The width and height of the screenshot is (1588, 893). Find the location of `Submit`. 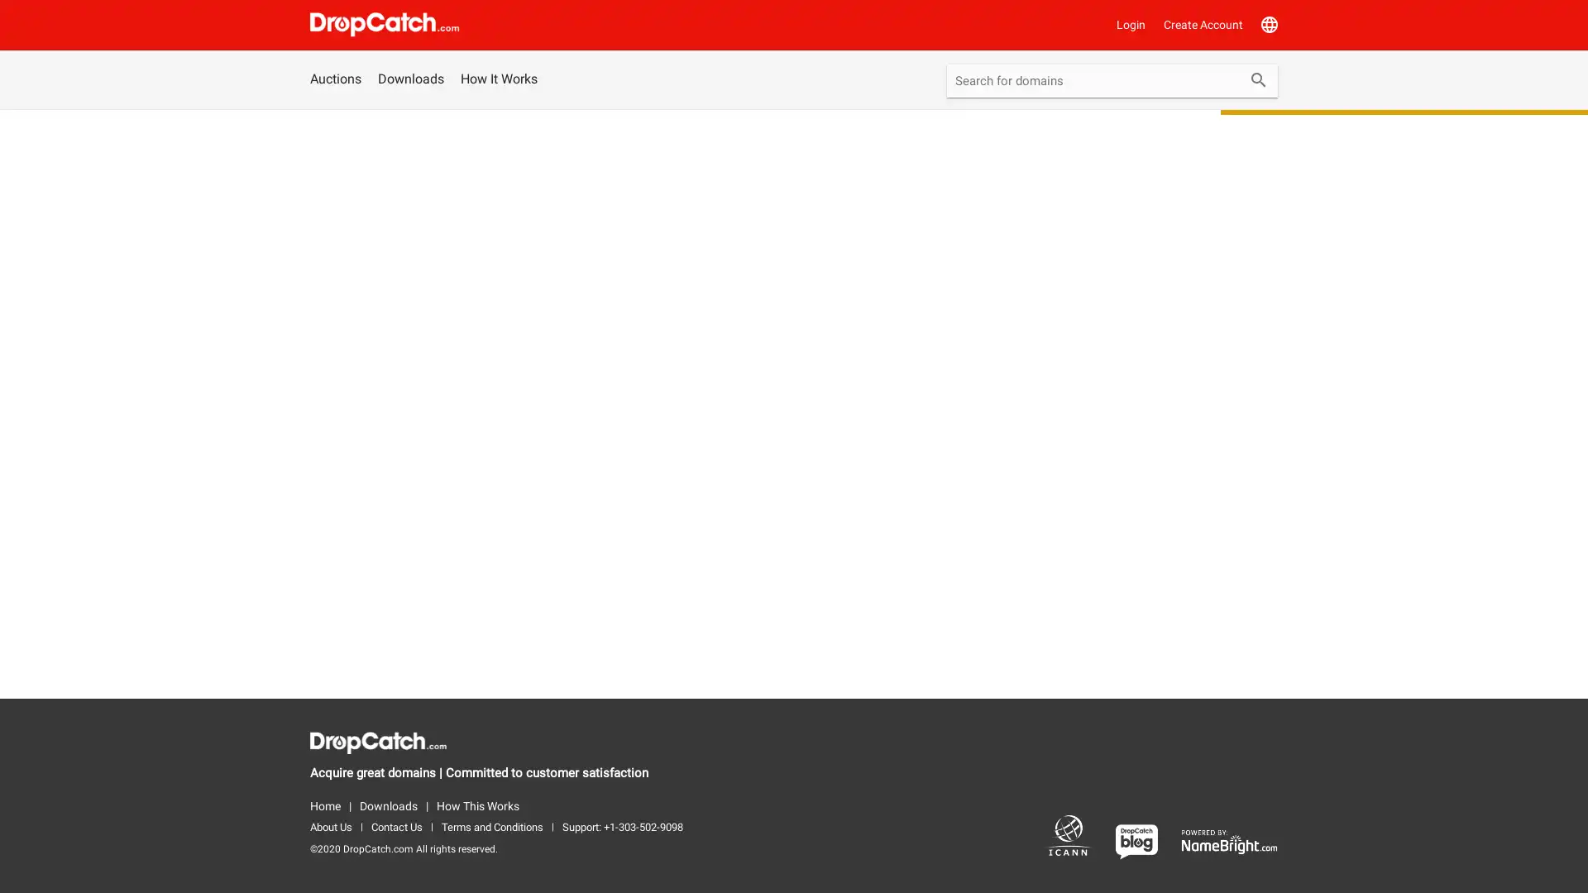

Submit is located at coordinates (1257, 82).